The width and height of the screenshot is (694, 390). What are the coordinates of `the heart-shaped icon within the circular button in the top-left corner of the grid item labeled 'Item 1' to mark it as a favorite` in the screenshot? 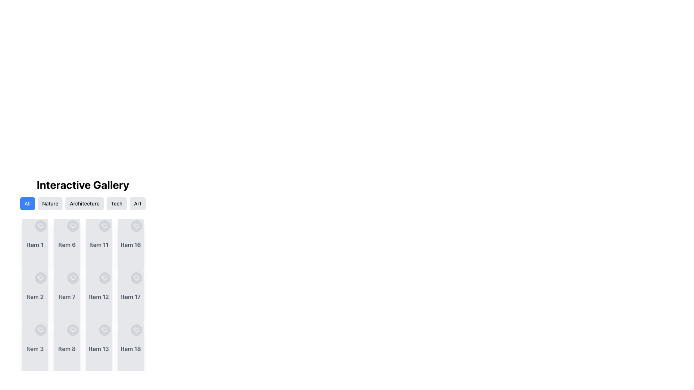 It's located at (40, 225).